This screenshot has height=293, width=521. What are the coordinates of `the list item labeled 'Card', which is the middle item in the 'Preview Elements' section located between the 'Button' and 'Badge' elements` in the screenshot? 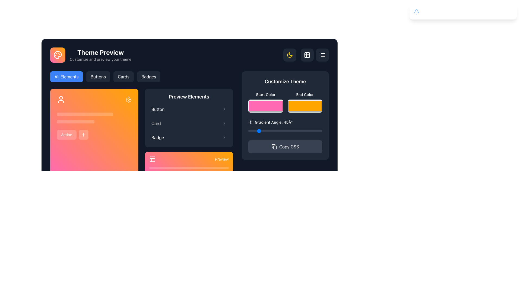 It's located at (189, 123).